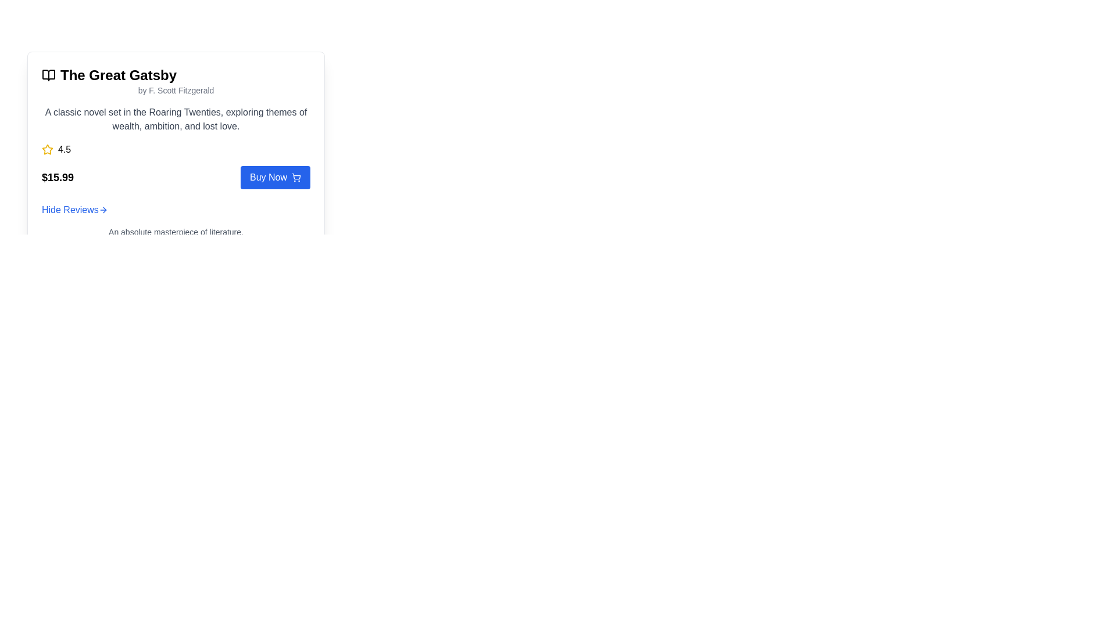 This screenshot has width=1116, height=627. I want to click on the right-pointing arrow icon of the 'Hide Reviews' link, so click(103, 210).